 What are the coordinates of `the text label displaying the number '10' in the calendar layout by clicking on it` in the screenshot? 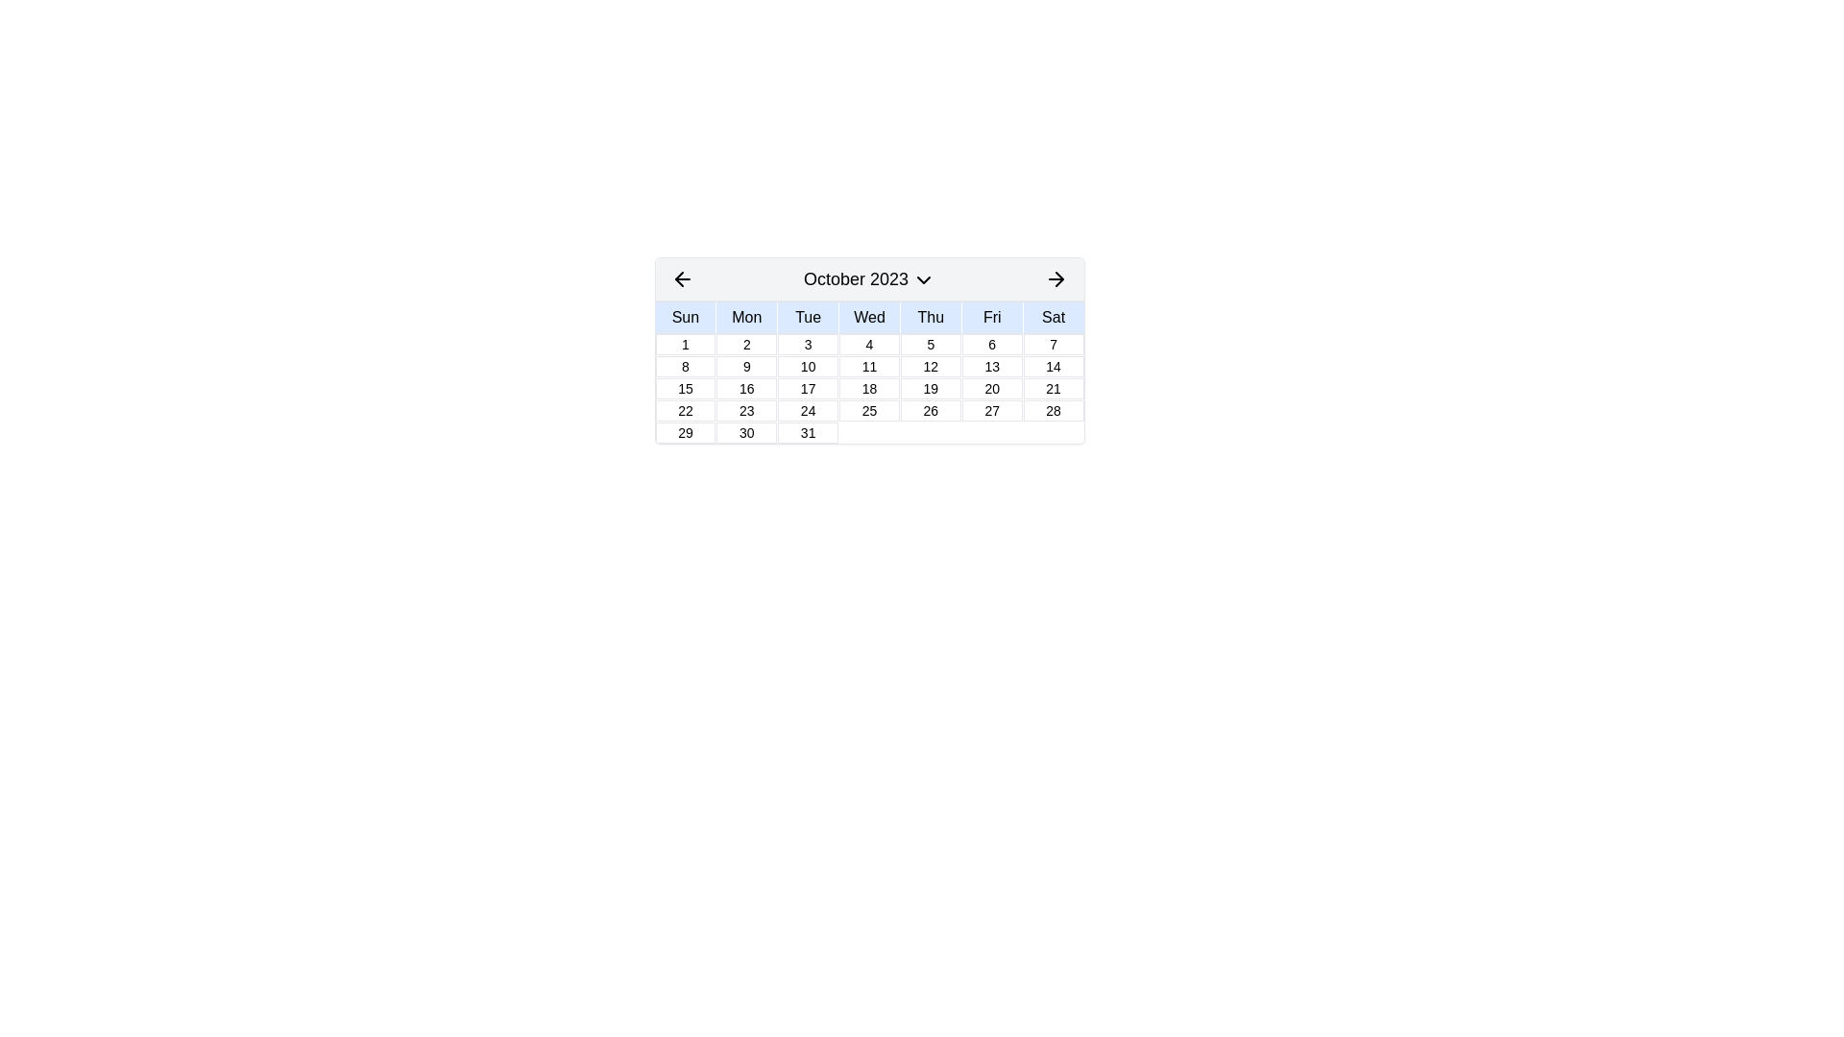 It's located at (808, 366).